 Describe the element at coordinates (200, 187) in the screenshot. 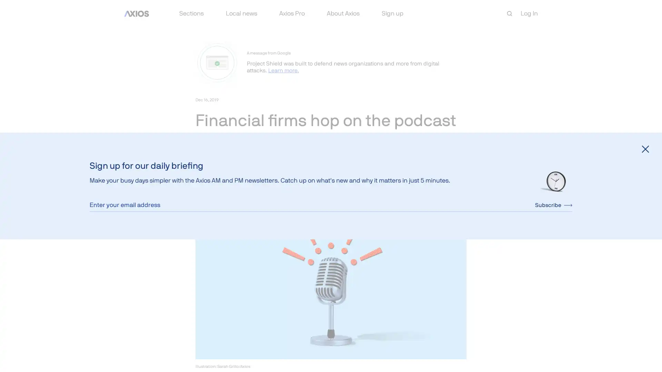

I see `facebook` at that location.